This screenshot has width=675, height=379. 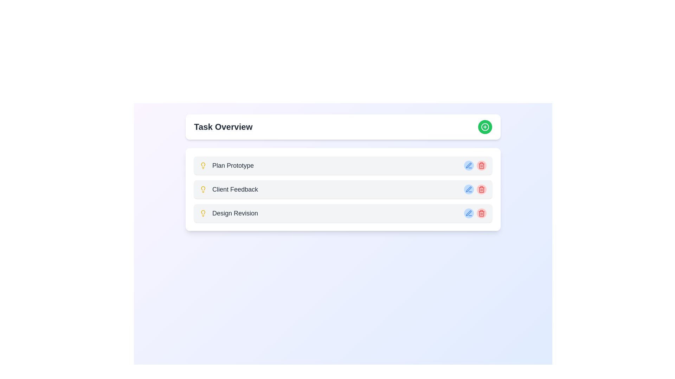 I want to click on the trash icon button, so click(x=481, y=165).